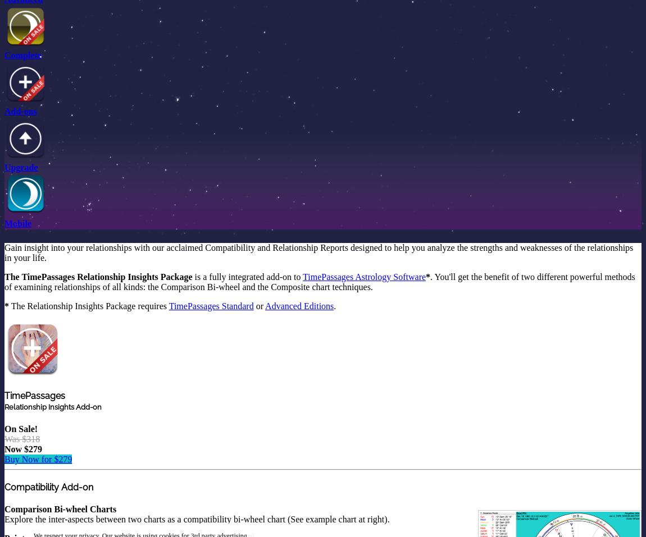  Describe the element at coordinates (34, 396) in the screenshot. I see `'TimePassages'` at that location.